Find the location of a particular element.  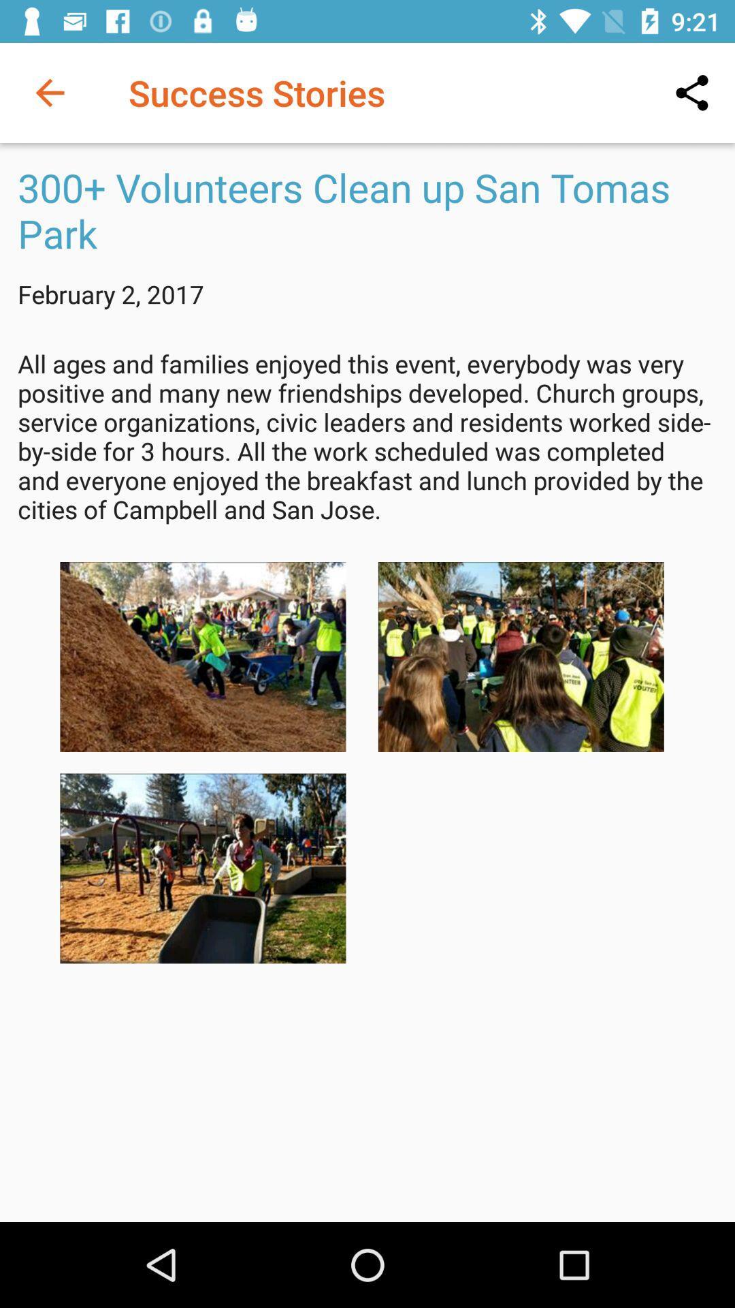

item at the top right corner is located at coordinates (692, 92).